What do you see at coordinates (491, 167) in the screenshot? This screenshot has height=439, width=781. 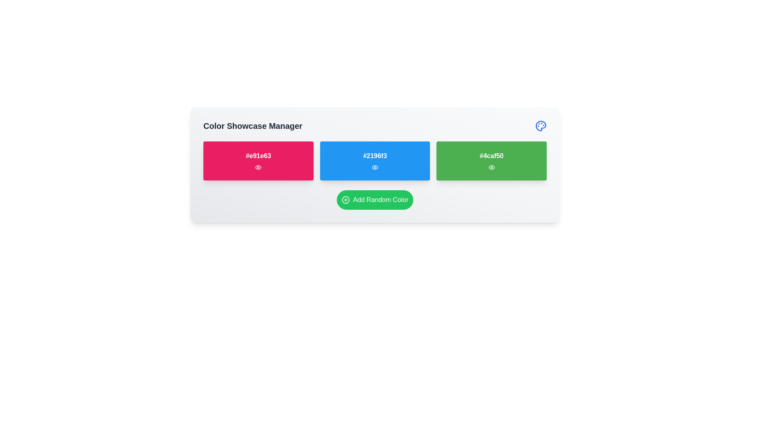 I see `the outer ellipse-like part of the eye-shaped icon, which is a vector graphic component with a green stroke on a white background, located within a green card with the text '#4caf50'` at bounding box center [491, 167].